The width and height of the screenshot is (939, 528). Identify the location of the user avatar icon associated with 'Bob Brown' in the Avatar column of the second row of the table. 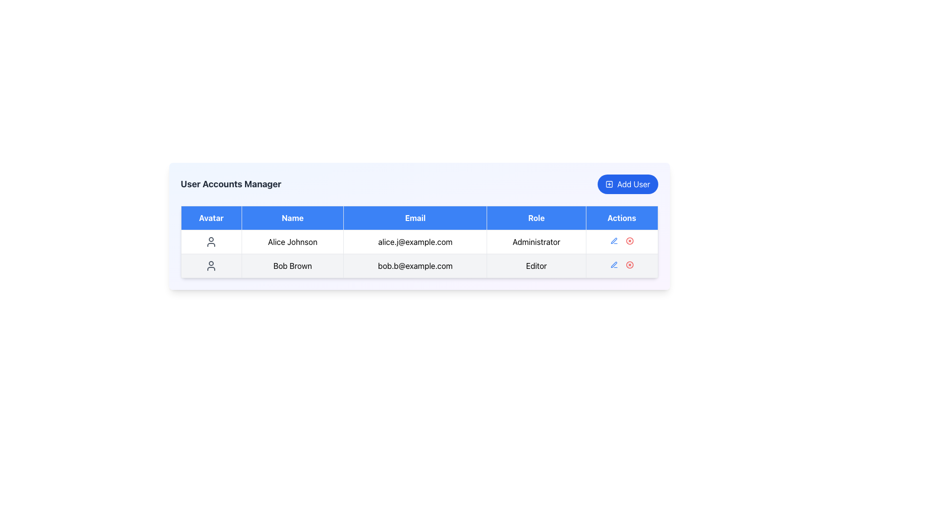
(211, 242).